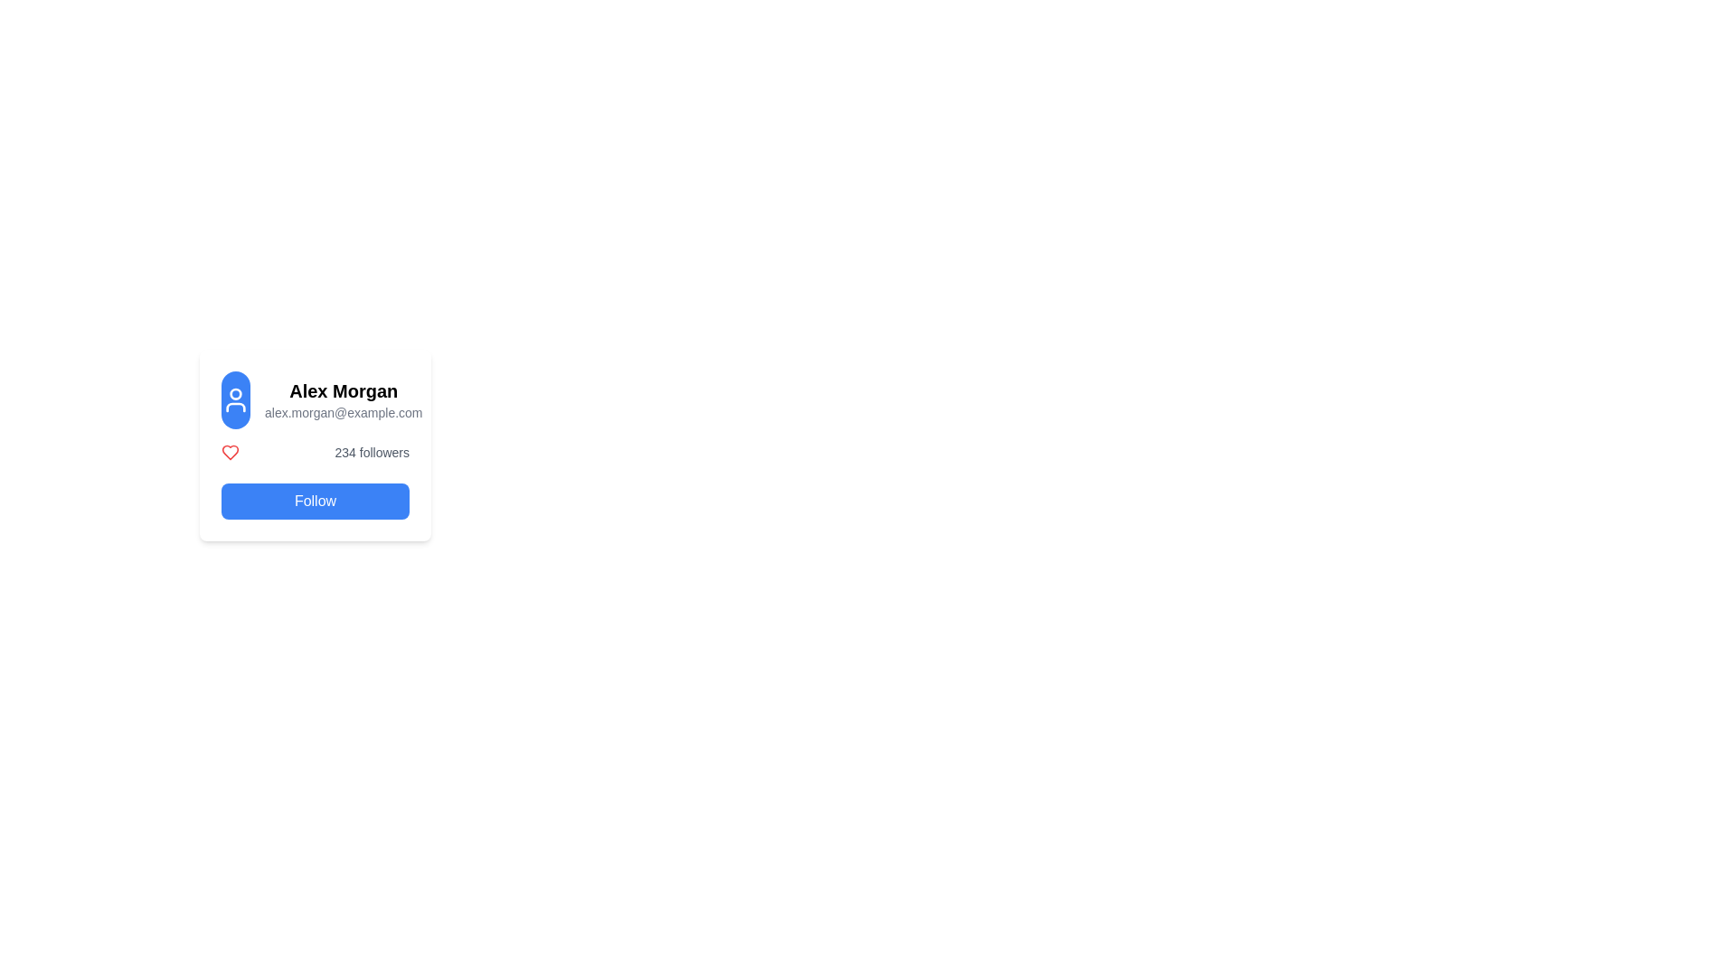 The image size is (1736, 976). Describe the element at coordinates (316, 480) in the screenshot. I see `the 'Follow' button located below the '234 followers' text label in the profile card section` at that location.